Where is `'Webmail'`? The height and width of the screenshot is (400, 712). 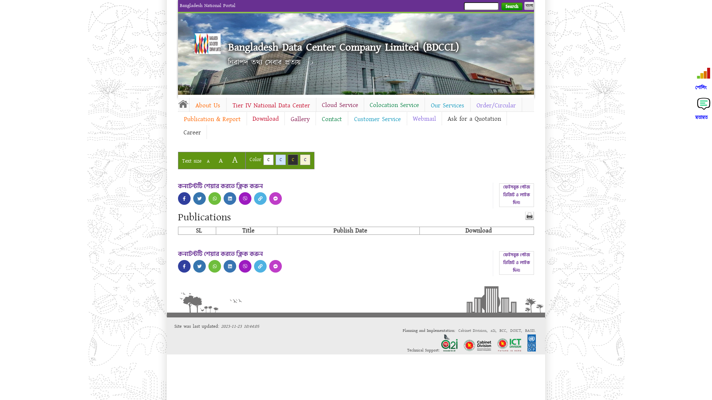
'Webmail' is located at coordinates (424, 118).